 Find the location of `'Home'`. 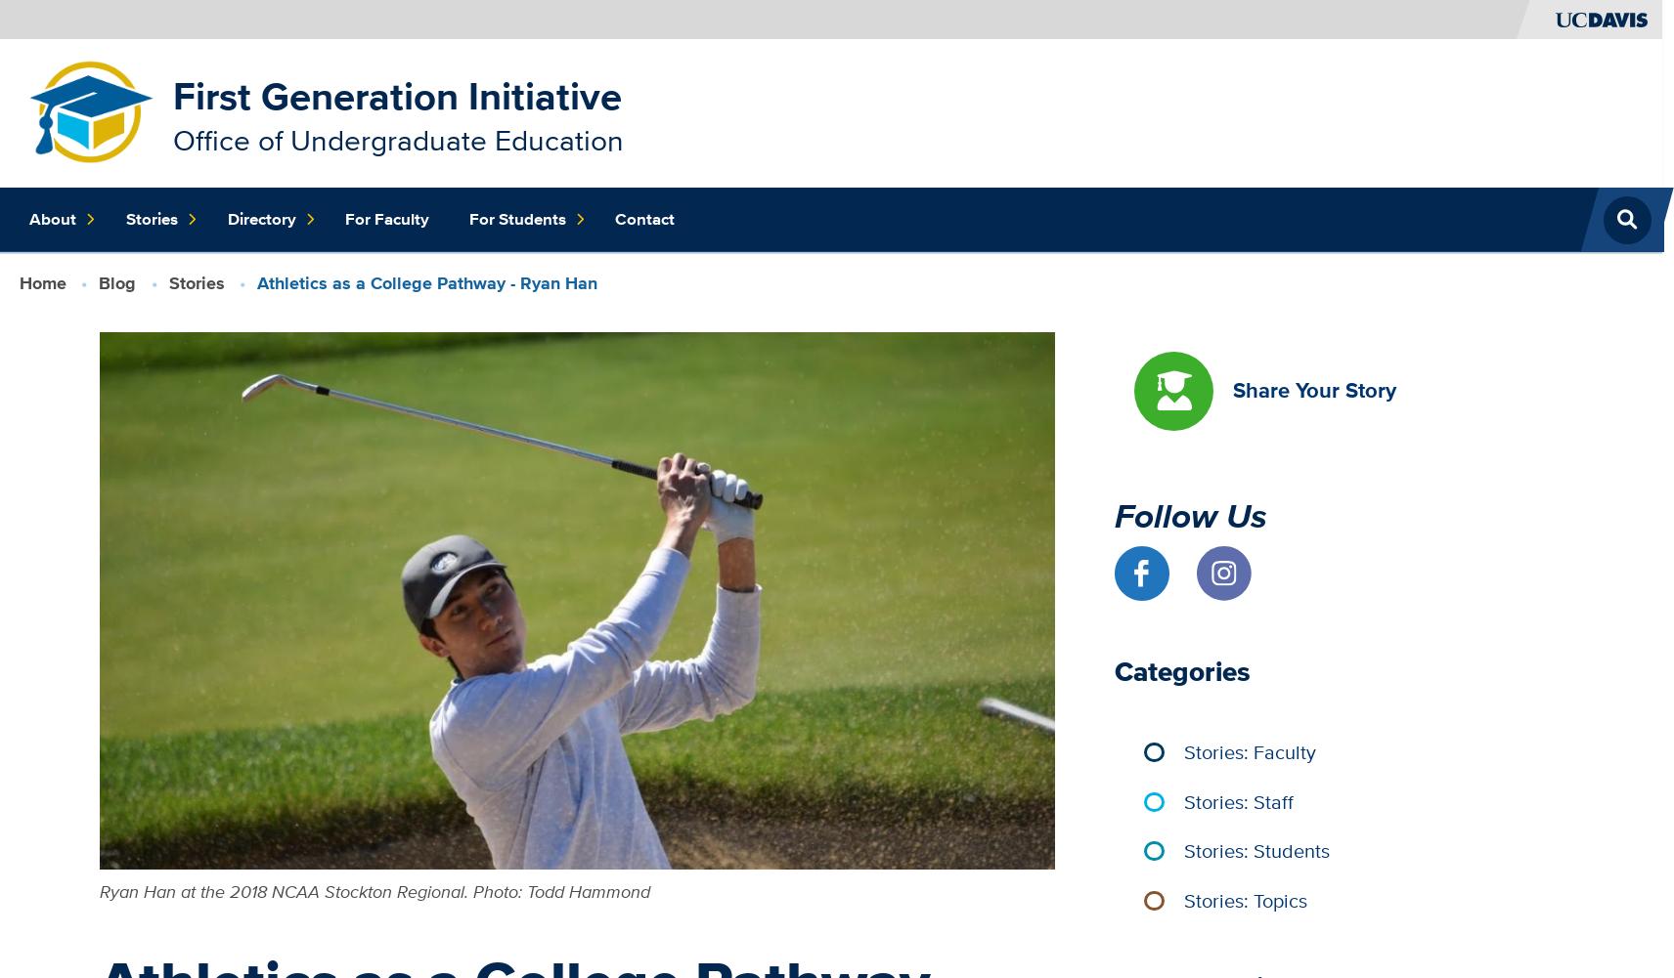

'Home' is located at coordinates (41, 281).